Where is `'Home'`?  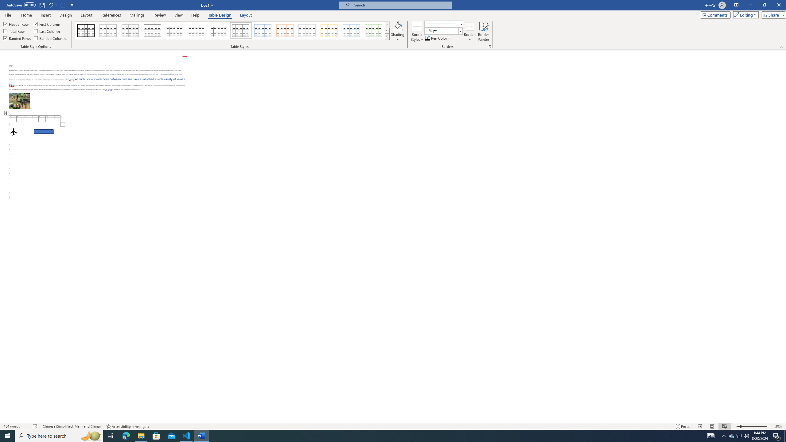 'Home' is located at coordinates (26, 15).